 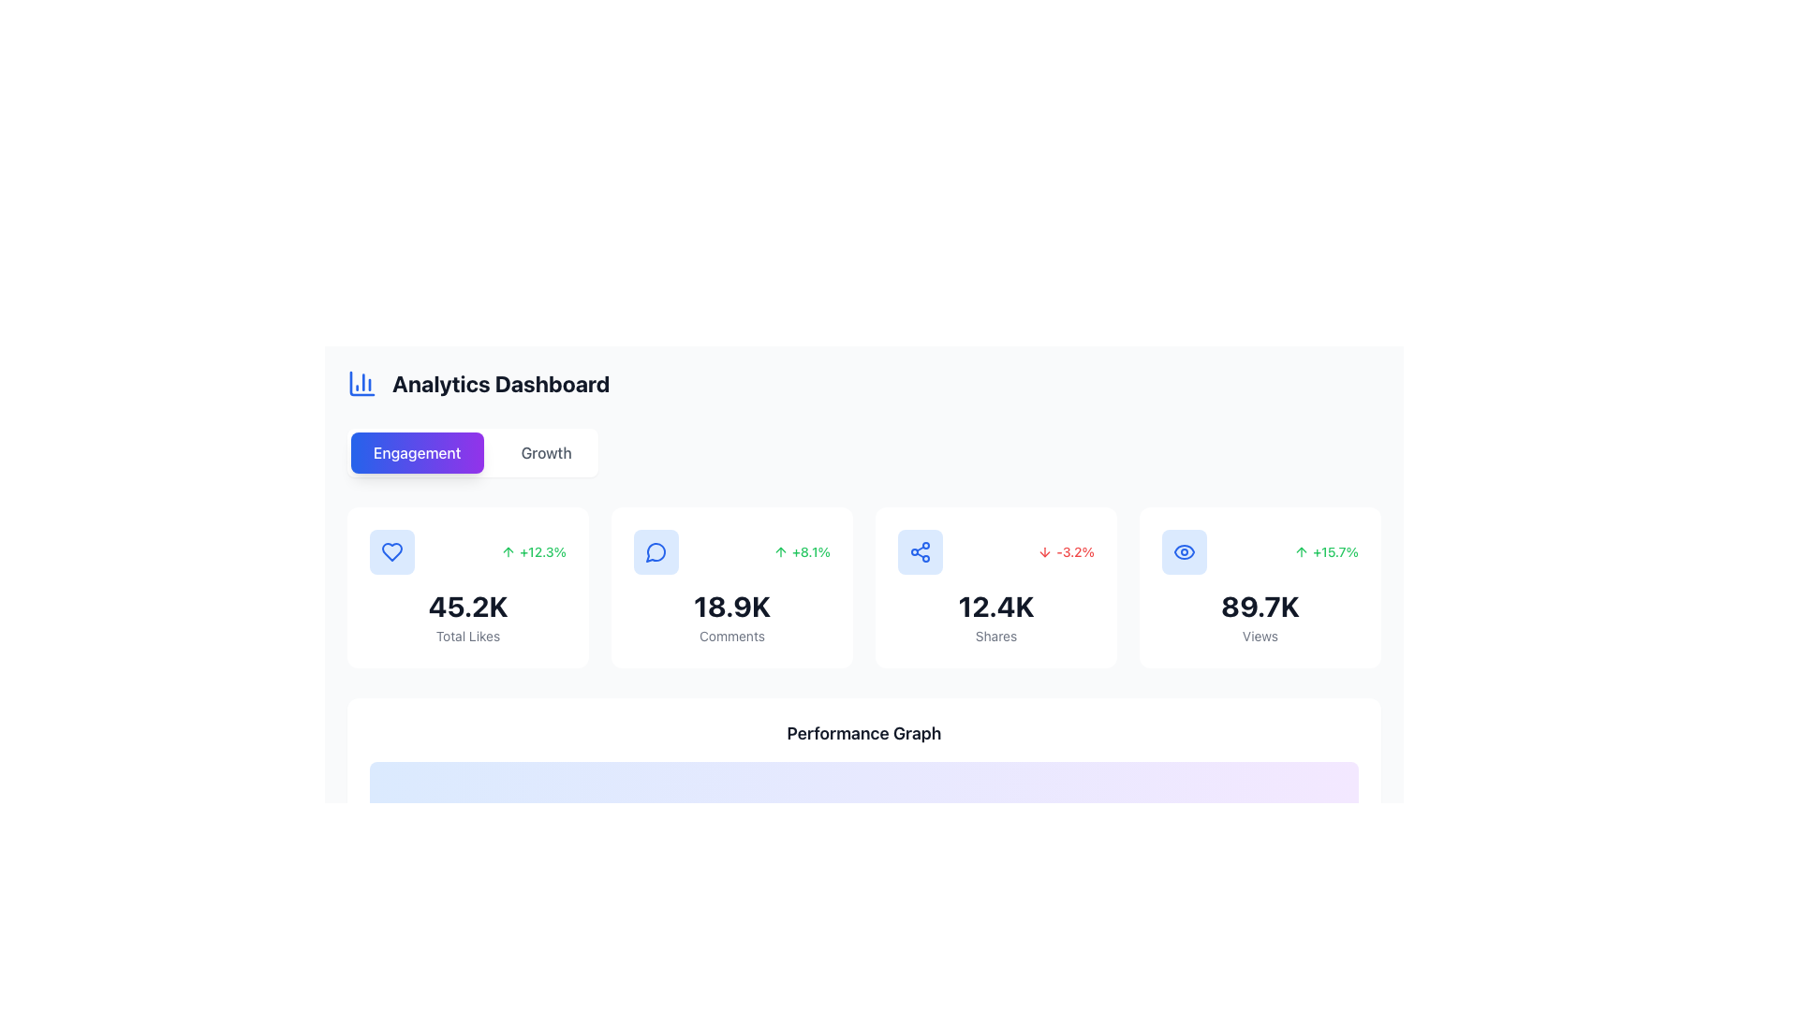 I want to click on the decorative circular background effect located in the bottom-right corner of the card displaying '45.2K Total Likes', so click(x=557, y=637).